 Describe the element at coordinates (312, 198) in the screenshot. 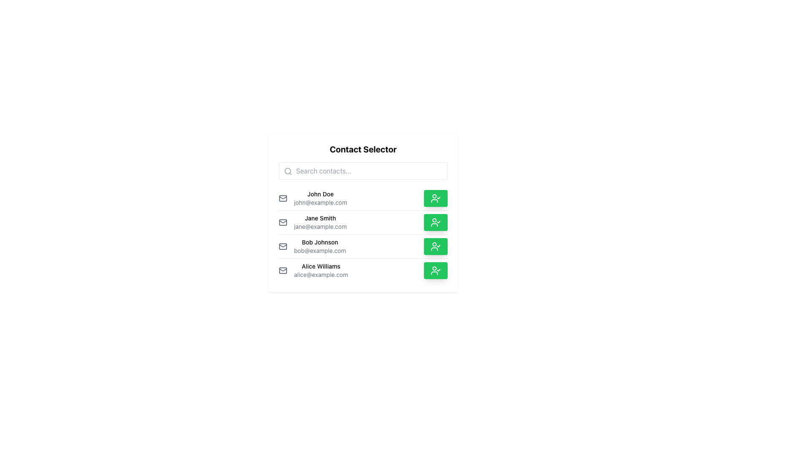

I see `the contact list item displaying 'John Doe'` at that location.